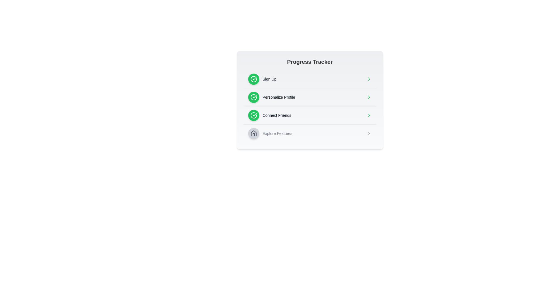  I want to click on the 'Personalize Profile' list item in the progress tracker, so click(309, 97).